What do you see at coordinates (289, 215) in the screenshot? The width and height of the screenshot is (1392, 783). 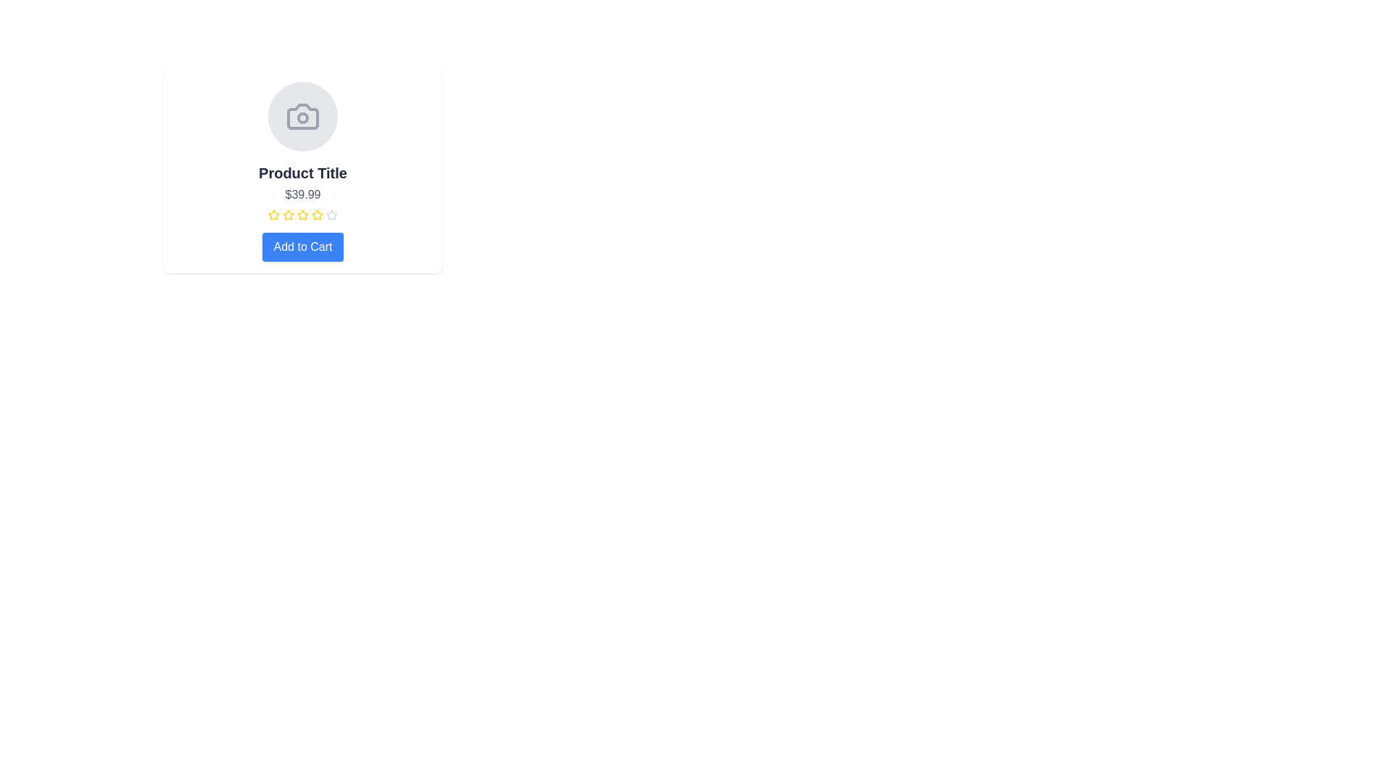 I see `the third star icon in the product rating system, which is located in the middle of the UI component showcasing product details` at bounding box center [289, 215].